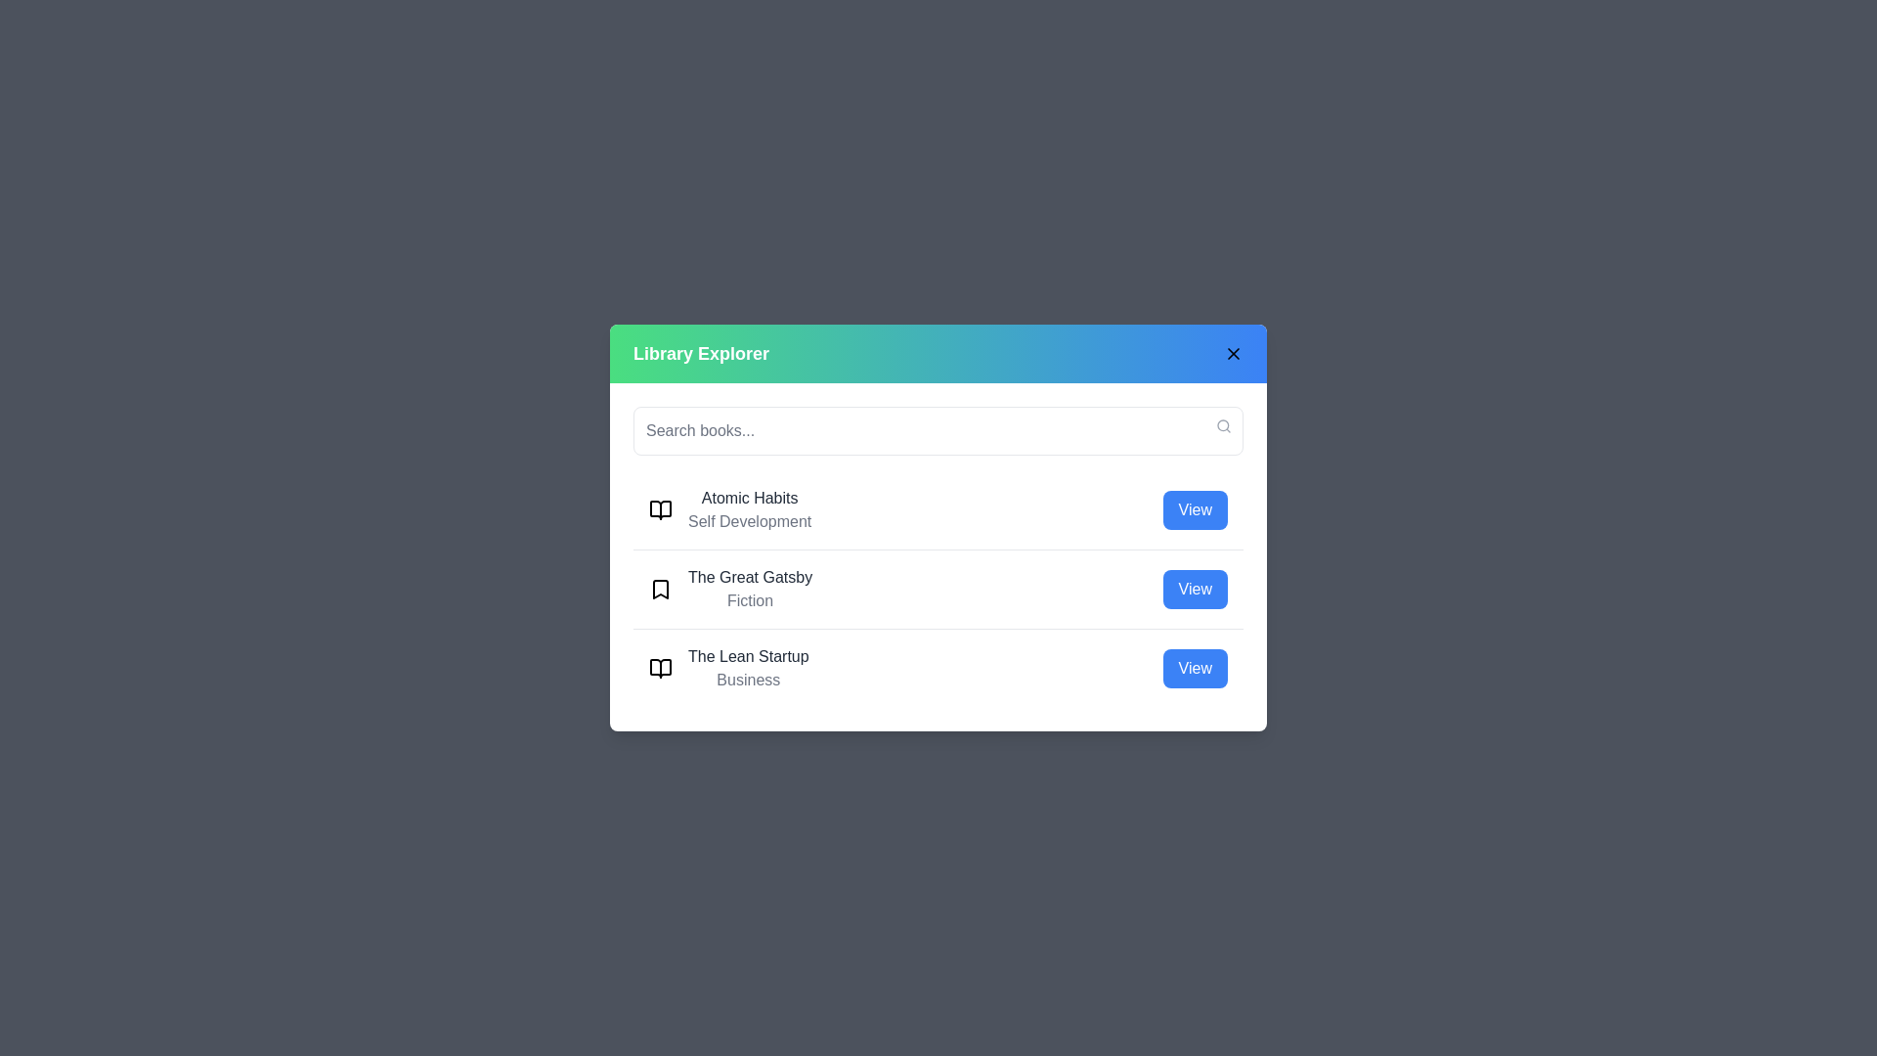  Describe the element at coordinates (1194, 588) in the screenshot. I see `the book 'The Great Gatsby' to view its details` at that location.